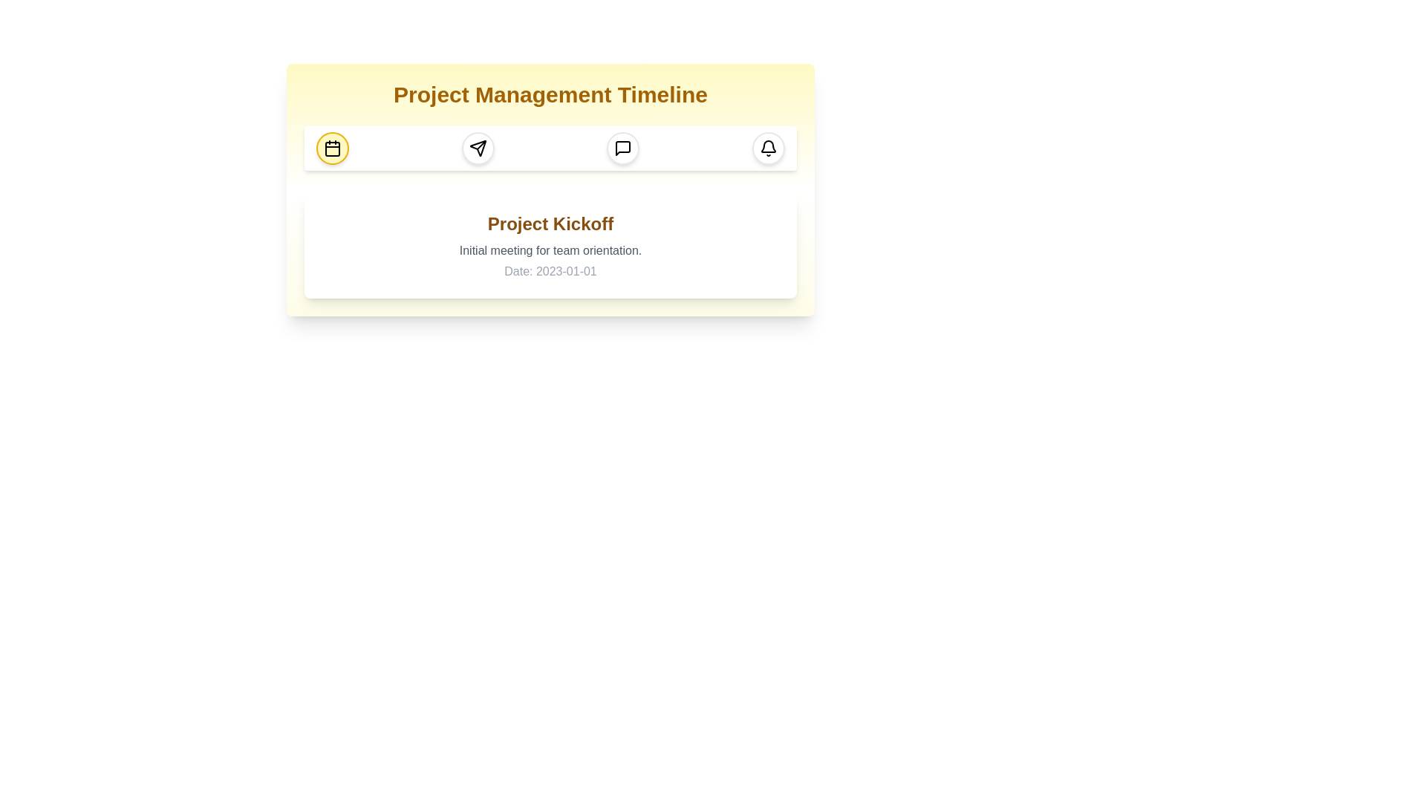 Image resolution: width=1426 pixels, height=802 pixels. Describe the element at coordinates (478, 149) in the screenshot. I see `the circular icon button with a paper-plane illustration located in the tool-like menu bar, positioned between the calendar icon and the comment bubble icon` at that location.